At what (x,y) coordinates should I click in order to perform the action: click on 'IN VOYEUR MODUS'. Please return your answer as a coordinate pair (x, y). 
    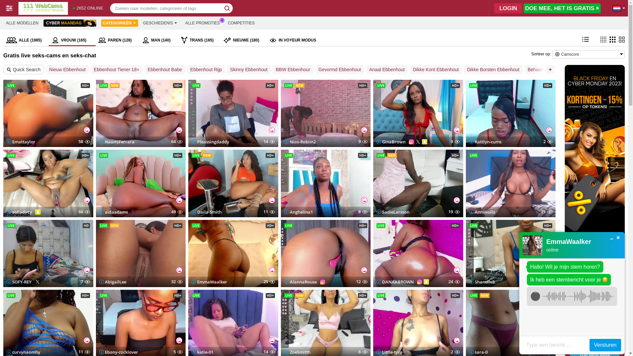
    Looking at the image, I should click on (266, 40).